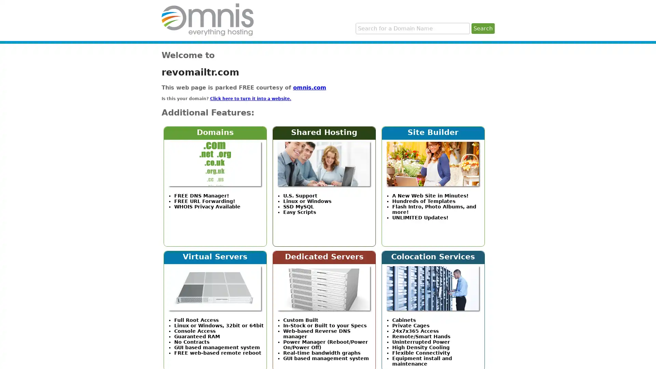 This screenshot has height=369, width=656. What do you see at coordinates (482, 28) in the screenshot?
I see `Search` at bounding box center [482, 28].